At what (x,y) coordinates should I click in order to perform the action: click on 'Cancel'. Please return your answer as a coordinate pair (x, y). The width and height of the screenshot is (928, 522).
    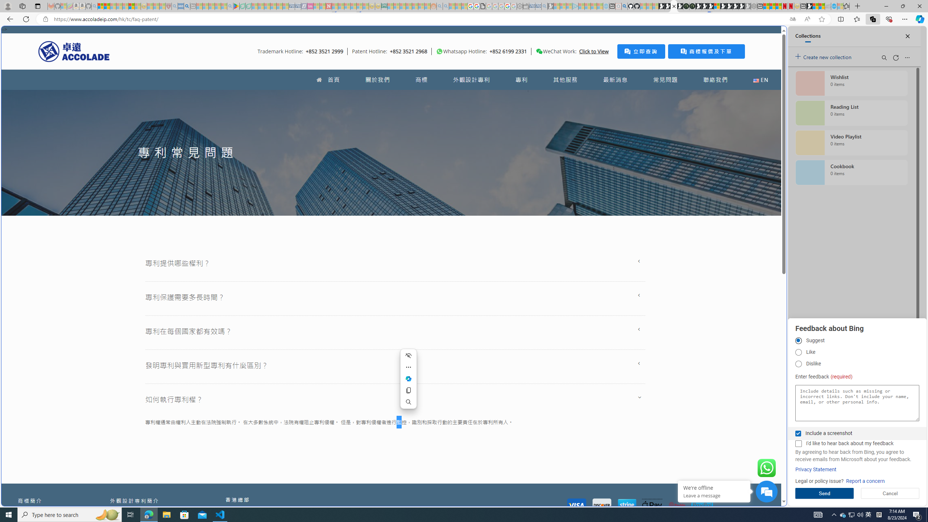
    Looking at the image, I should click on (890, 493).